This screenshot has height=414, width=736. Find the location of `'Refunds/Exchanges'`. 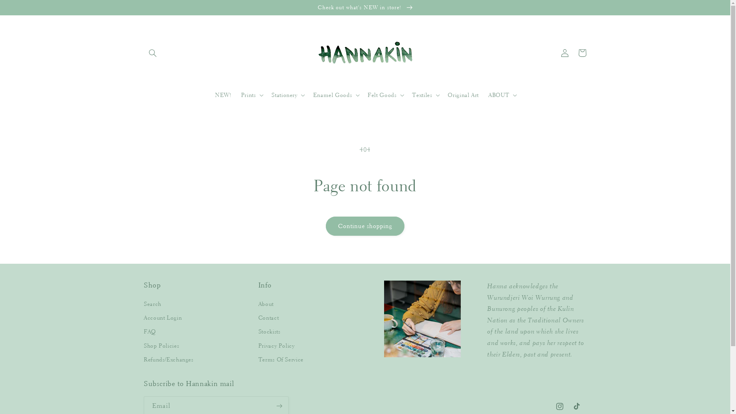

'Refunds/Exchanges' is located at coordinates (168, 360).